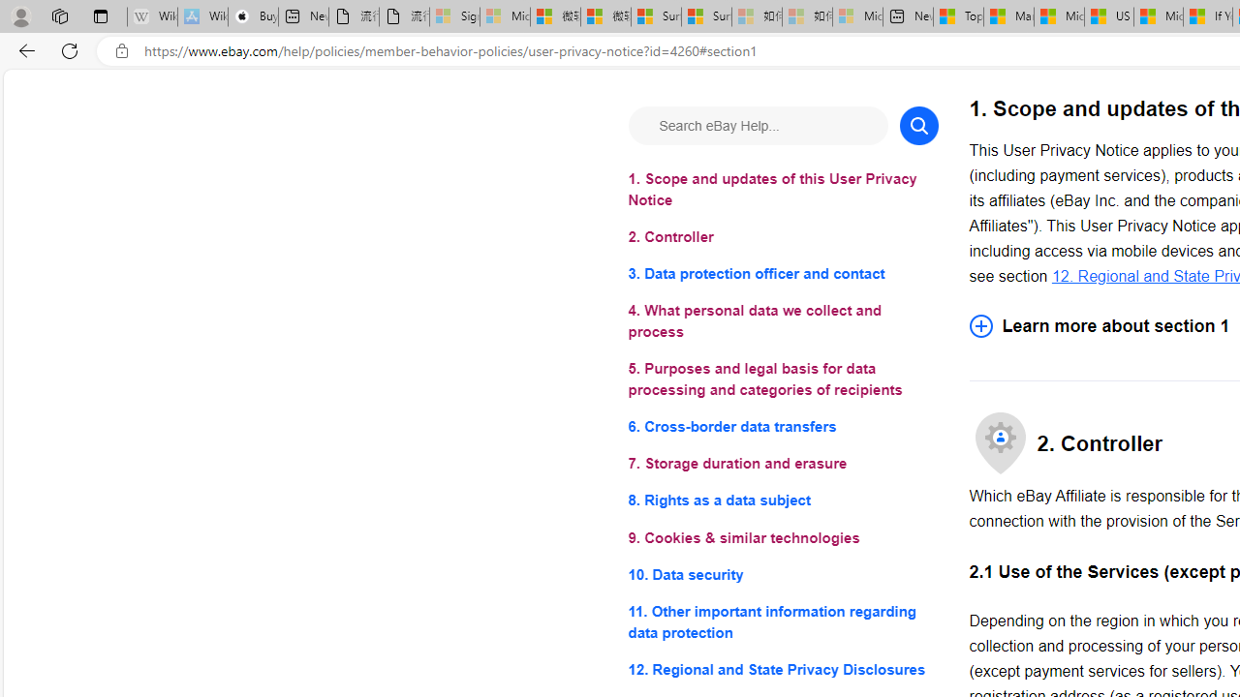 This screenshot has height=697, width=1240. Describe the element at coordinates (783, 464) in the screenshot. I see `'7. Storage duration and erasure'` at that location.